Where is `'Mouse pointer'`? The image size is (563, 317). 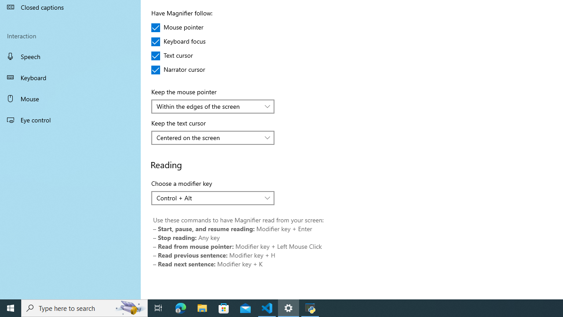
'Mouse pointer' is located at coordinates (177, 27).